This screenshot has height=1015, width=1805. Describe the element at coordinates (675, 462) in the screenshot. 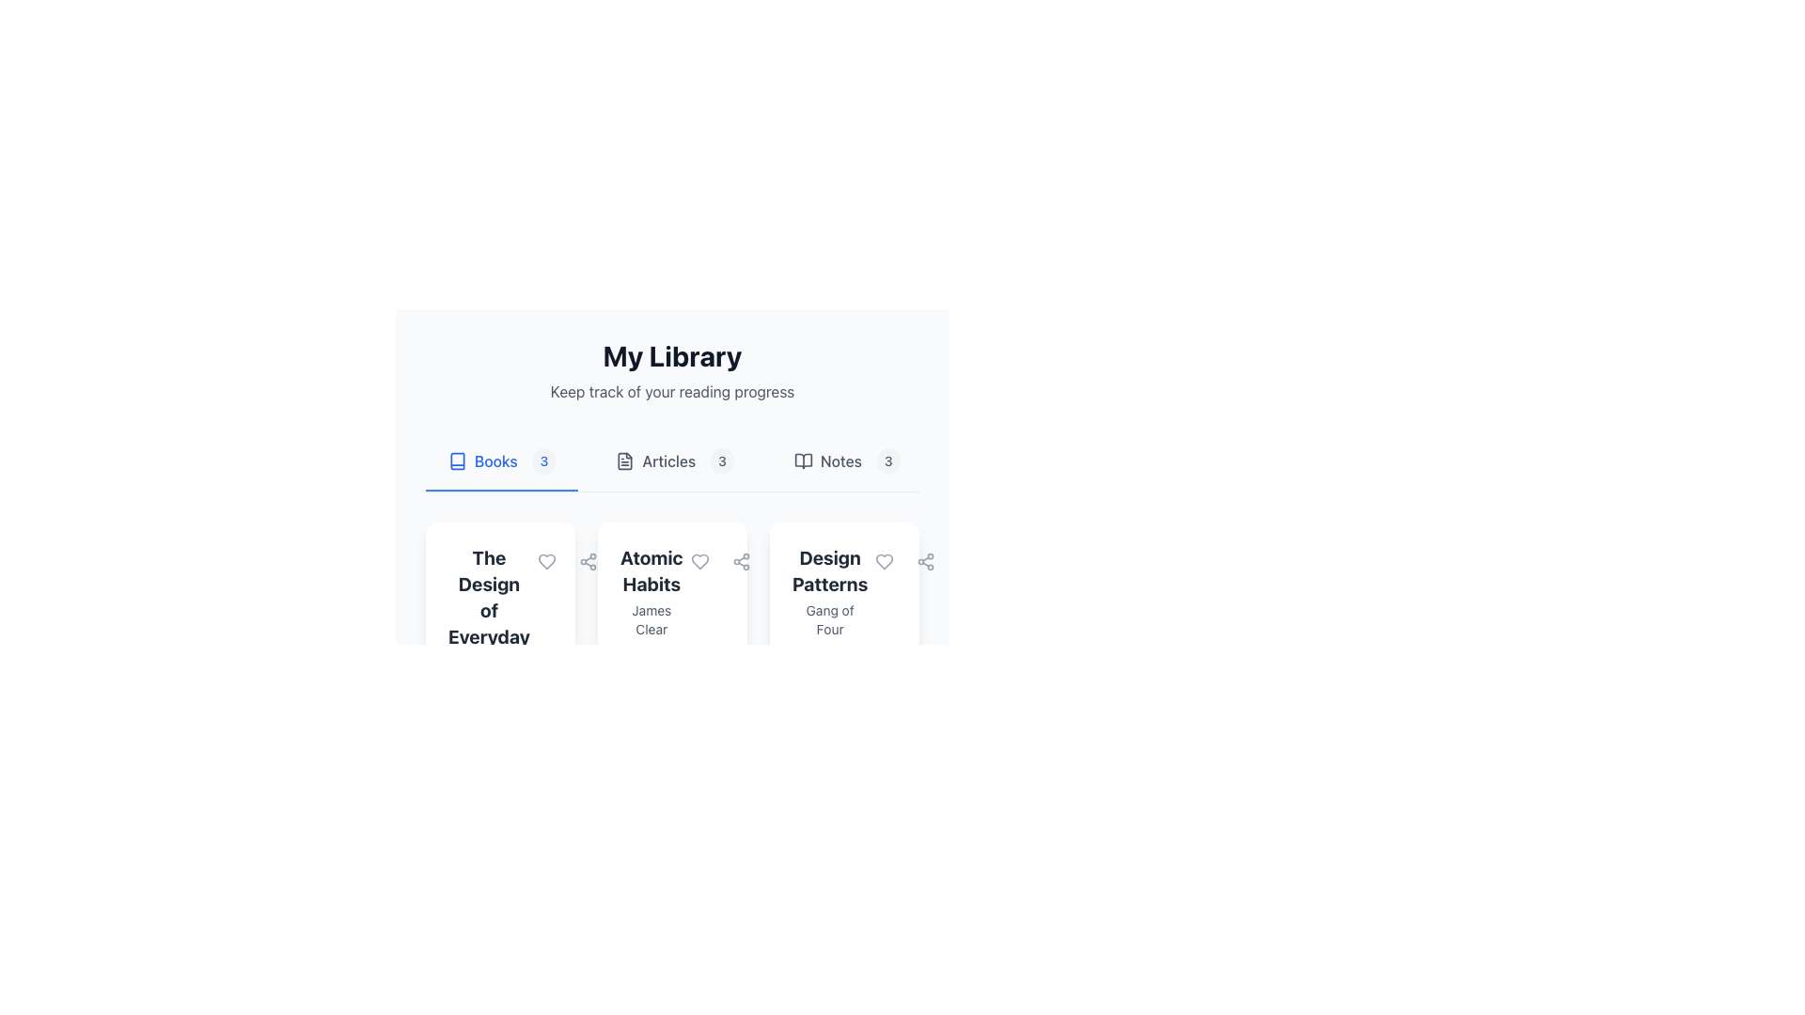

I see `the middle navigational tab under 'My Library'` at that location.